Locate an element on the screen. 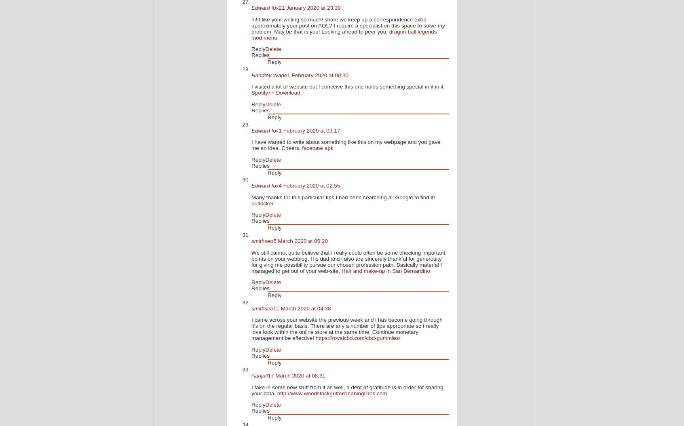 This screenshot has width=684, height=426. 'http://www.woodstockguttercleaningPros.com' is located at coordinates (331, 393).